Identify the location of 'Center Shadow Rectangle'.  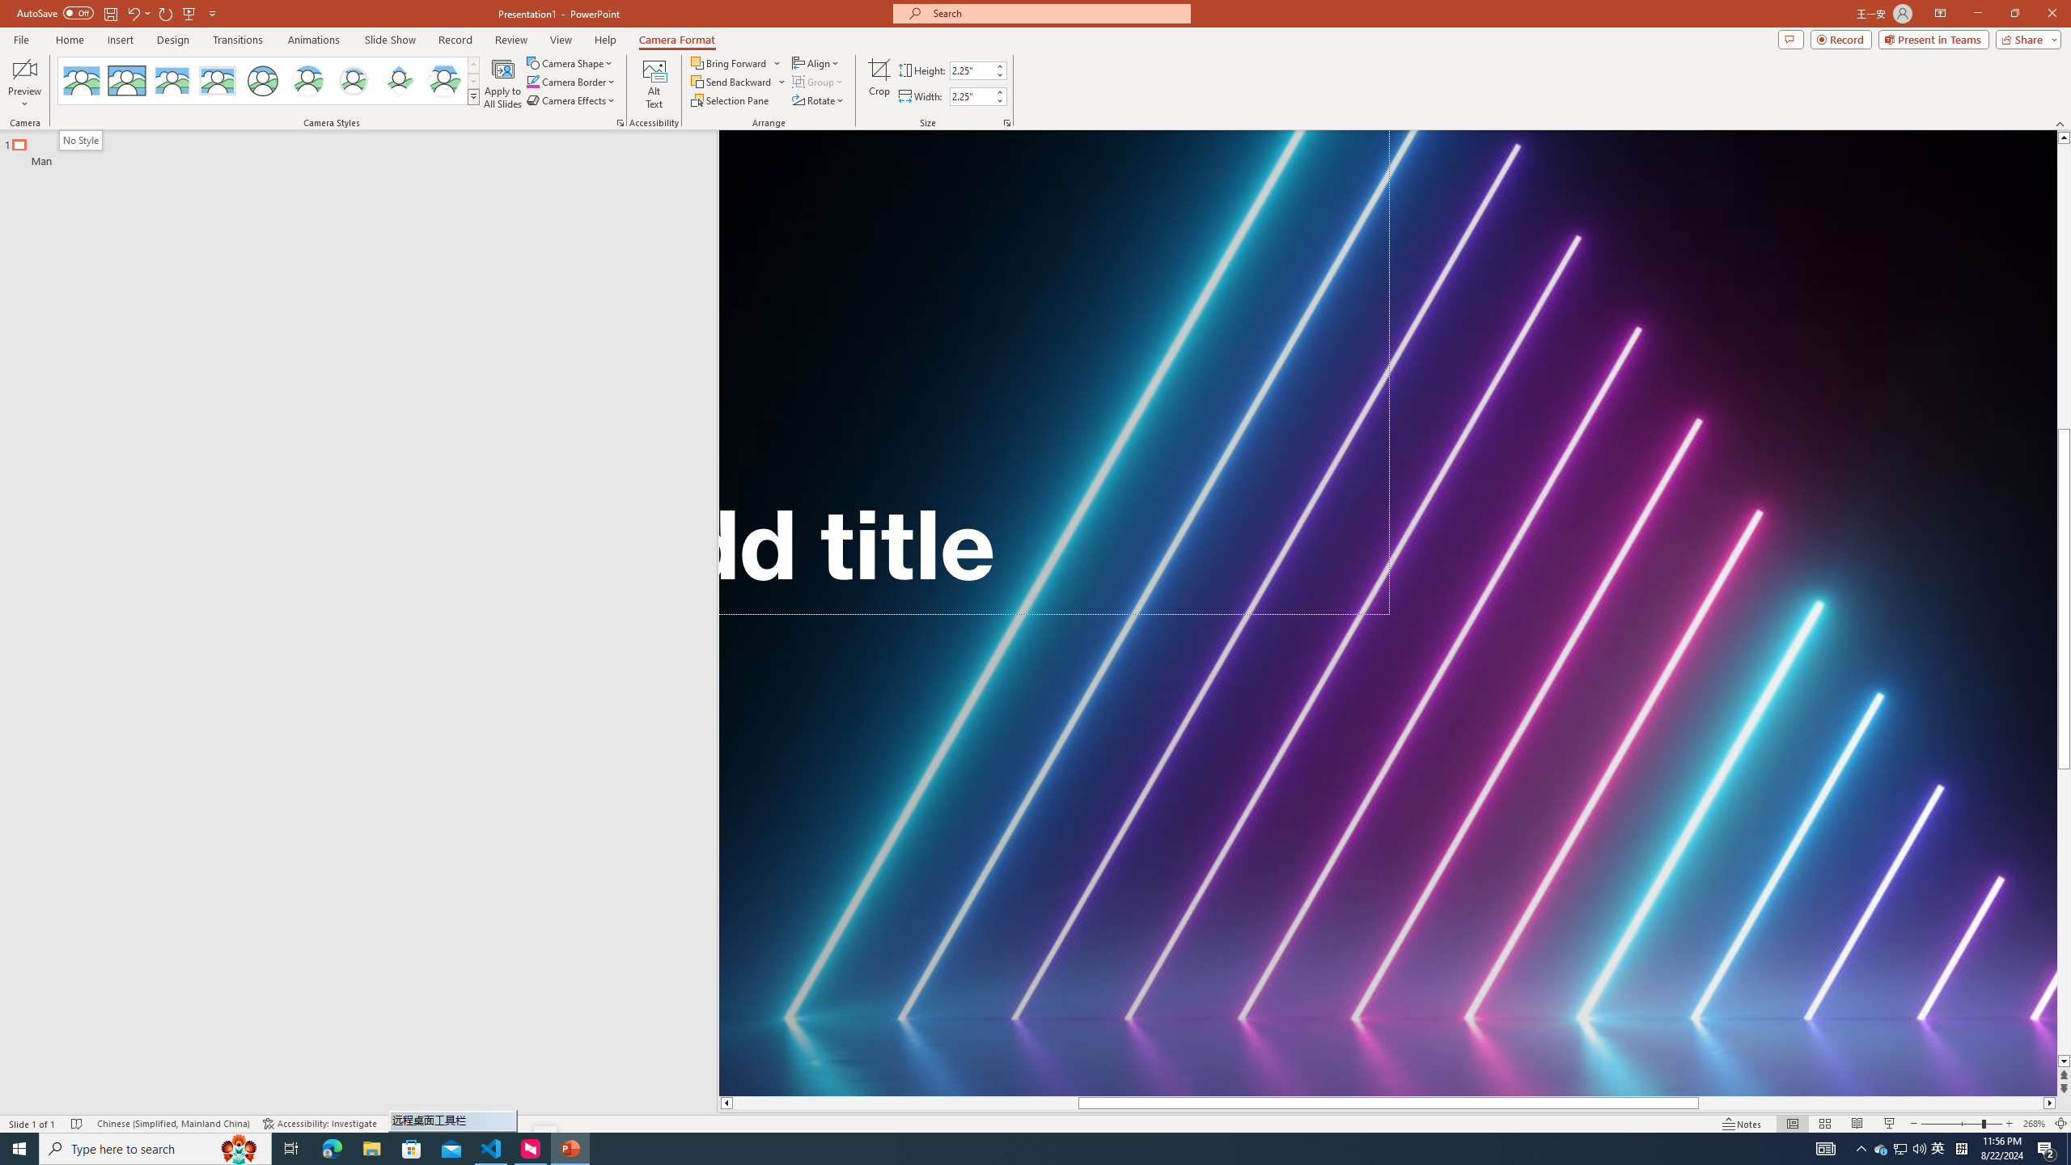
(171, 80).